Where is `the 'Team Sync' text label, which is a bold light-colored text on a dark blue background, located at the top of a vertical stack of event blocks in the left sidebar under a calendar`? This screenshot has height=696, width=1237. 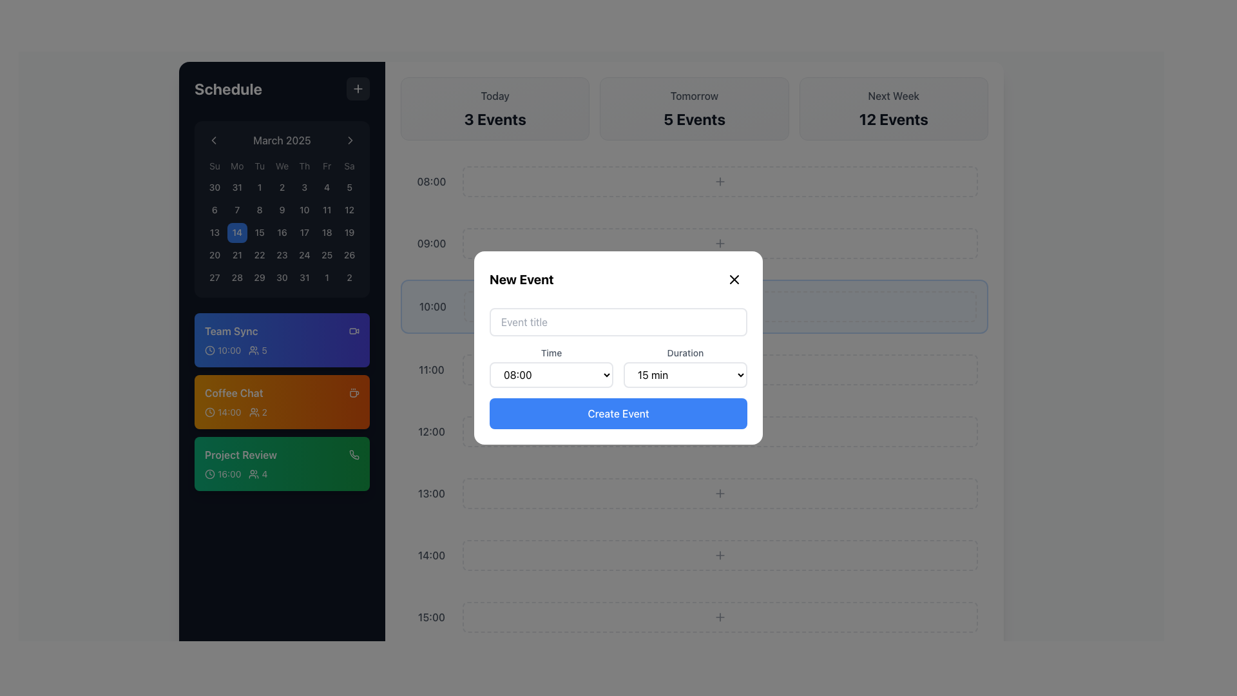 the 'Team Sync' text label, which is a bold light-colored text on a dark blue background, located at the top of a vertical stack of event blocks in the left sidebar under a calendar is located at coordinates (231, 331).